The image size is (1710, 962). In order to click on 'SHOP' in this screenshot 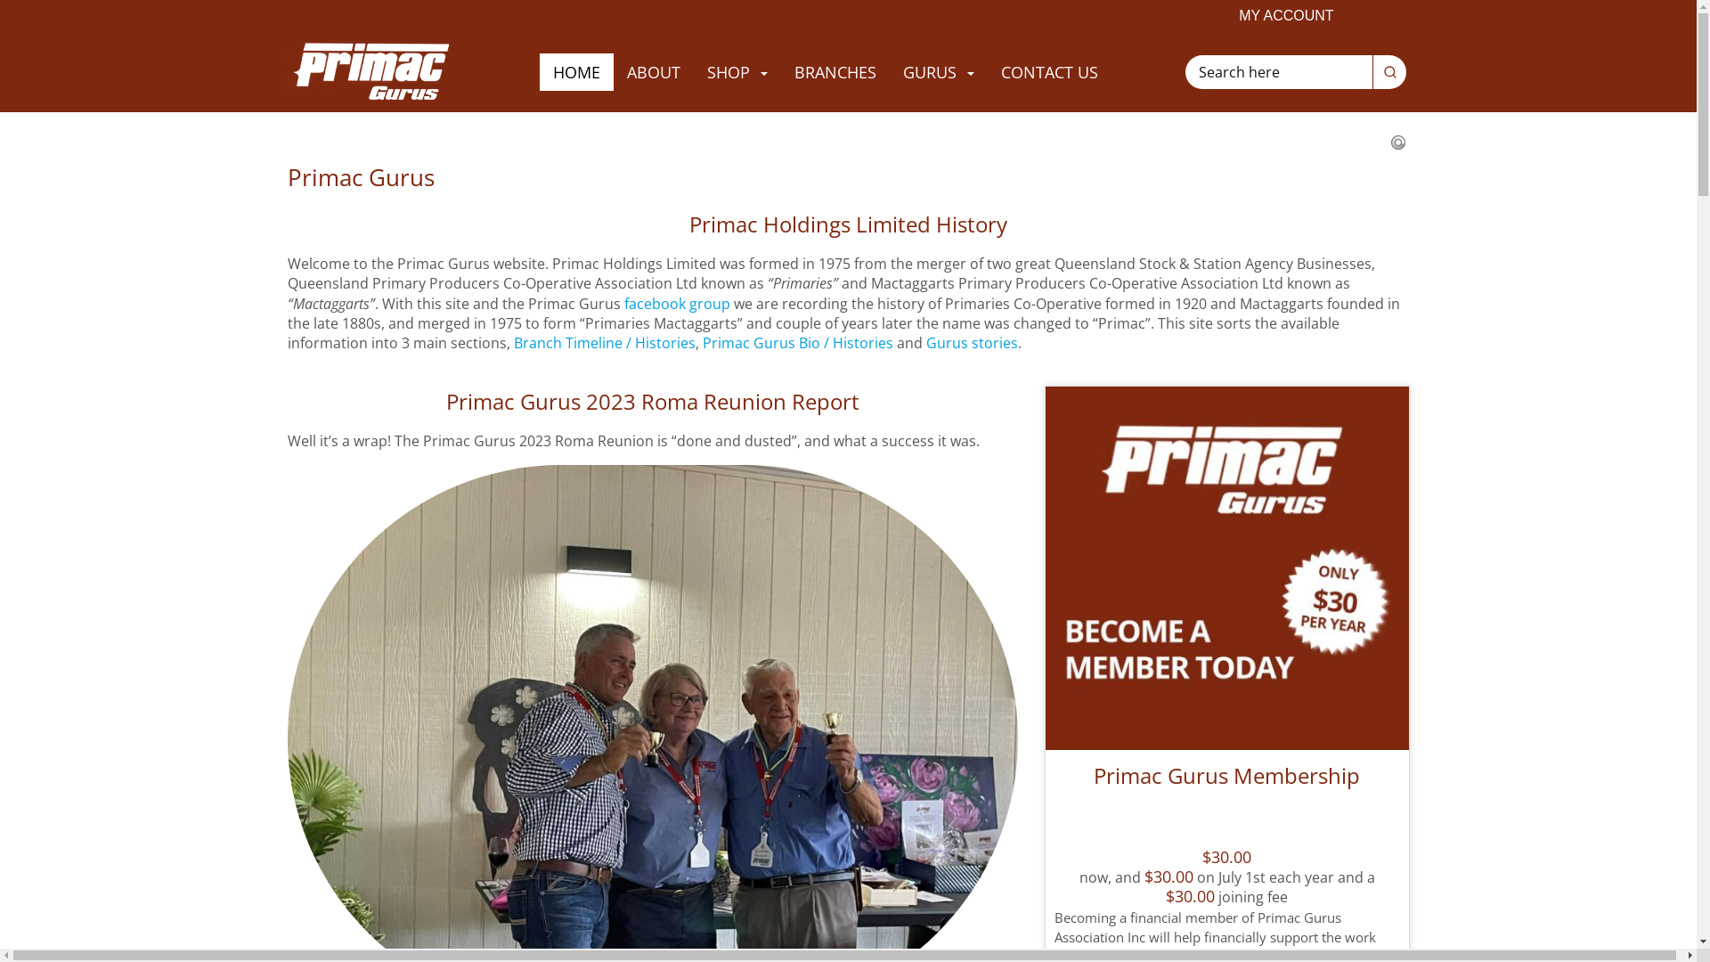, I will do `click(737, 71)`.